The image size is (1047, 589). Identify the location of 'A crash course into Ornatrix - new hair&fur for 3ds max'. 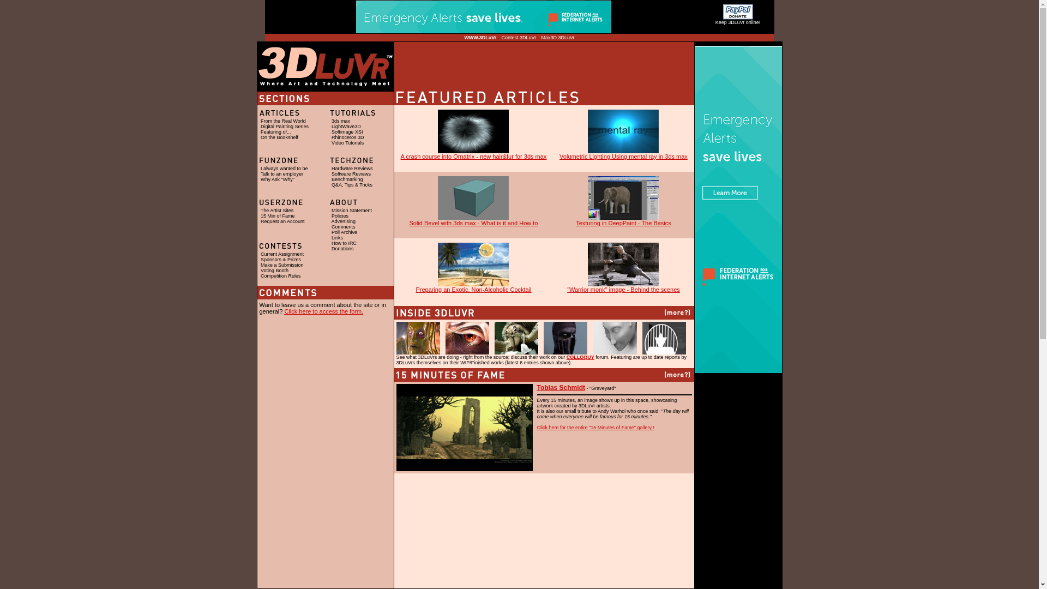
(473, 153).